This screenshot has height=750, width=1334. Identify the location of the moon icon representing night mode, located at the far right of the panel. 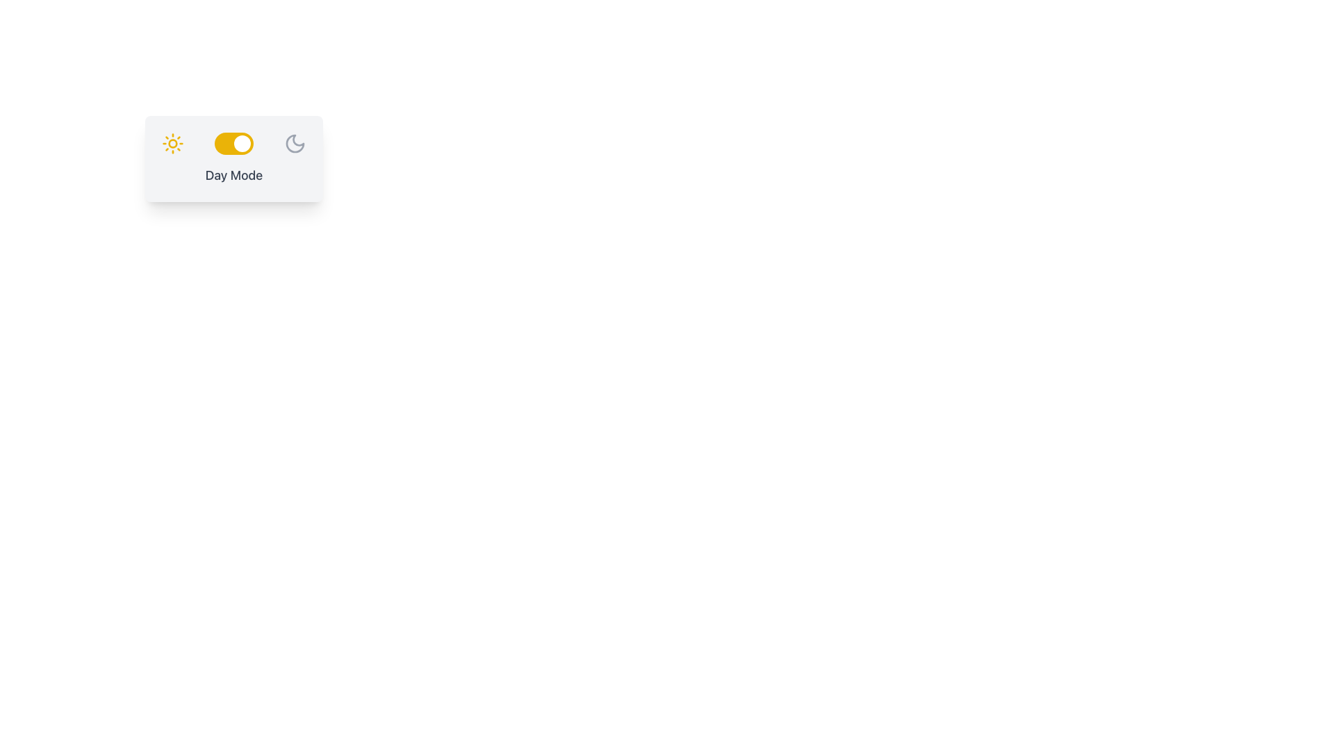
(295, 144).